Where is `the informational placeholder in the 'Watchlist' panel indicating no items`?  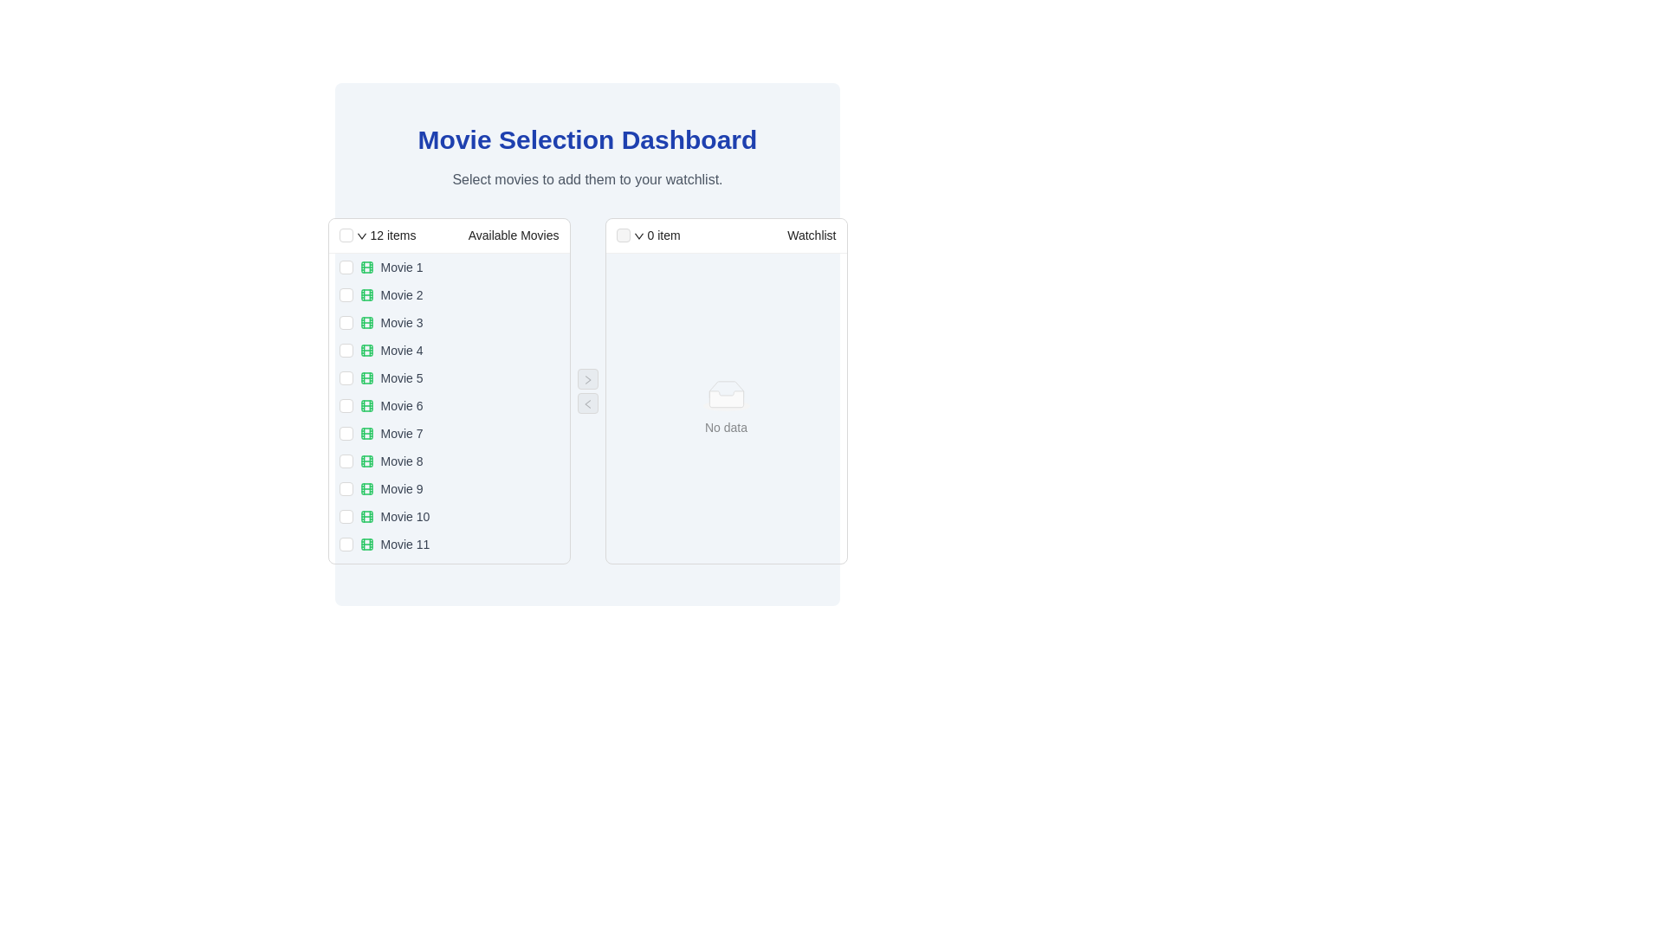
the informational placeholder in the 'Watchlist' panel indicating no items is located at coordinates (726, 408).